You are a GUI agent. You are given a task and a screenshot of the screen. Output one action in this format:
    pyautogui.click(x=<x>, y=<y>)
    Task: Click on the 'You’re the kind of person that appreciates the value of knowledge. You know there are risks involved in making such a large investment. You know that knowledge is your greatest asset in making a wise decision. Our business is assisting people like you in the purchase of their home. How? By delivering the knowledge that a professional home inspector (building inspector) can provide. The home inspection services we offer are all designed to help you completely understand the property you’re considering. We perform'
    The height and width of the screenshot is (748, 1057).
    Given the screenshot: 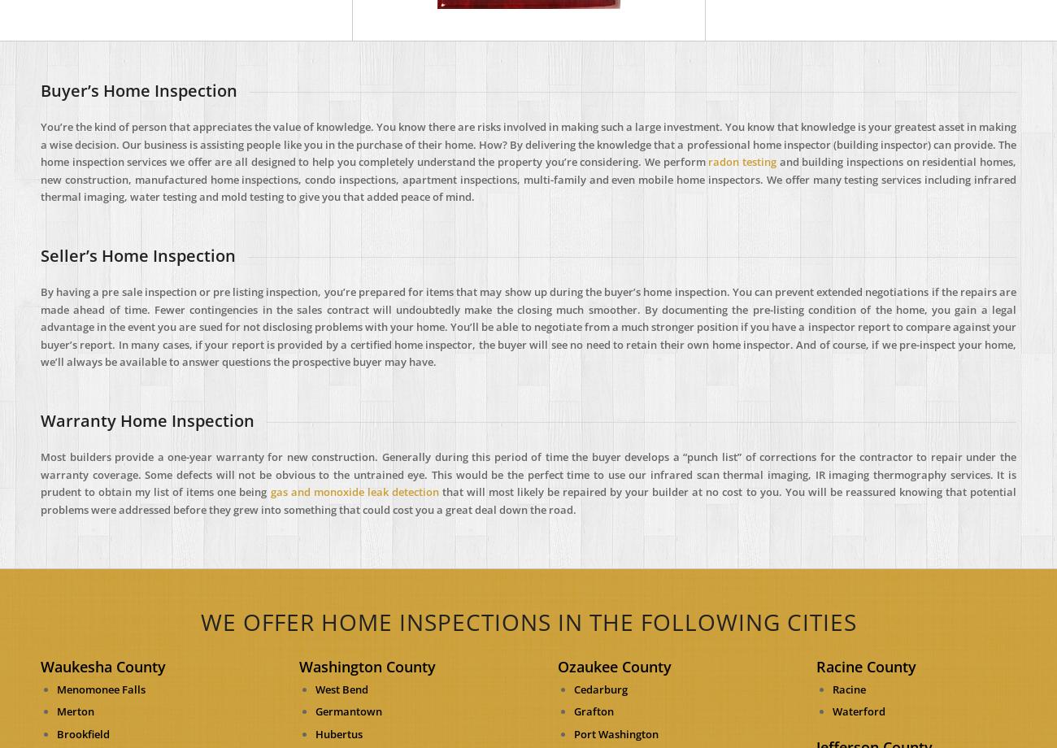 What is the action you would take?
    pyautogui.click(x=528, y=143)
    